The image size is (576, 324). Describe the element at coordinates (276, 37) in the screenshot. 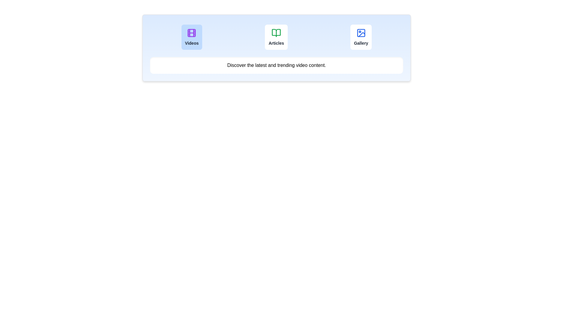

I see `the tab button labeled 'Articles' to observe its hover effect` at that location.